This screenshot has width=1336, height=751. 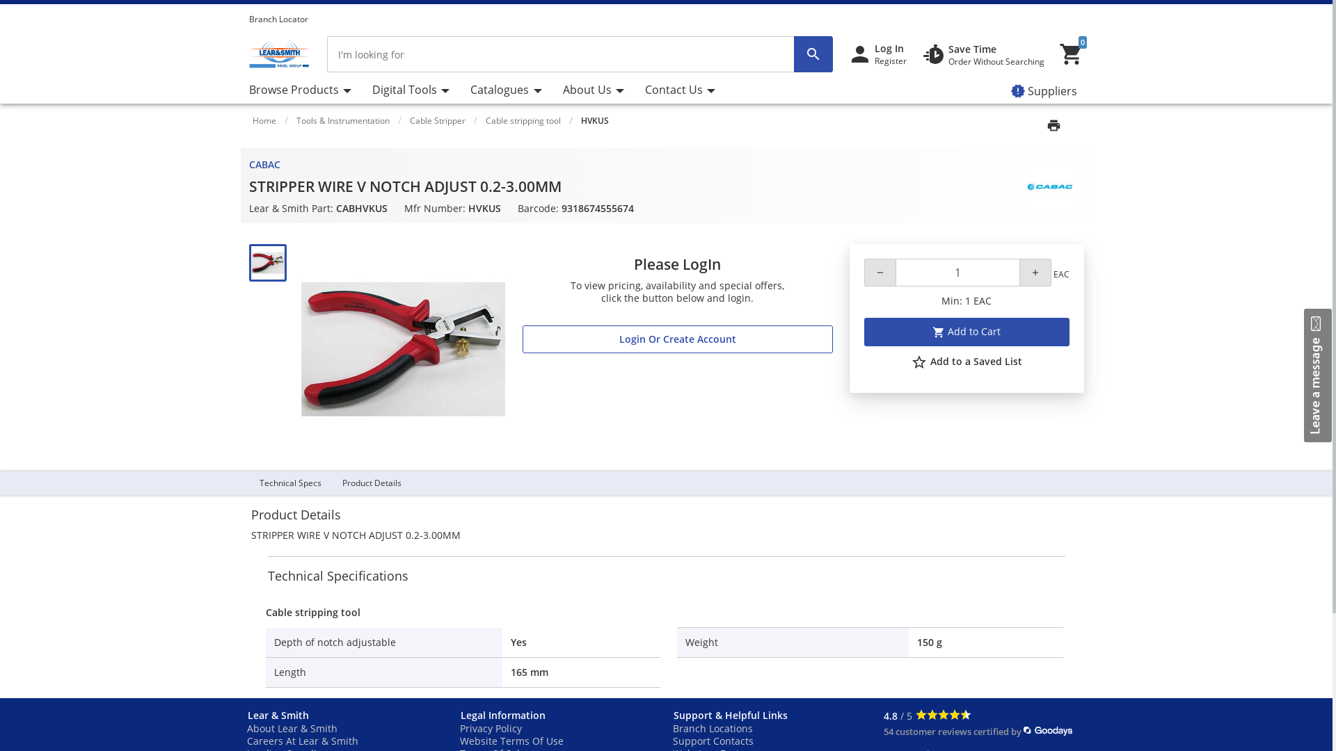 I want to click on 'Privacy Policy', so click(x=490, y=727).